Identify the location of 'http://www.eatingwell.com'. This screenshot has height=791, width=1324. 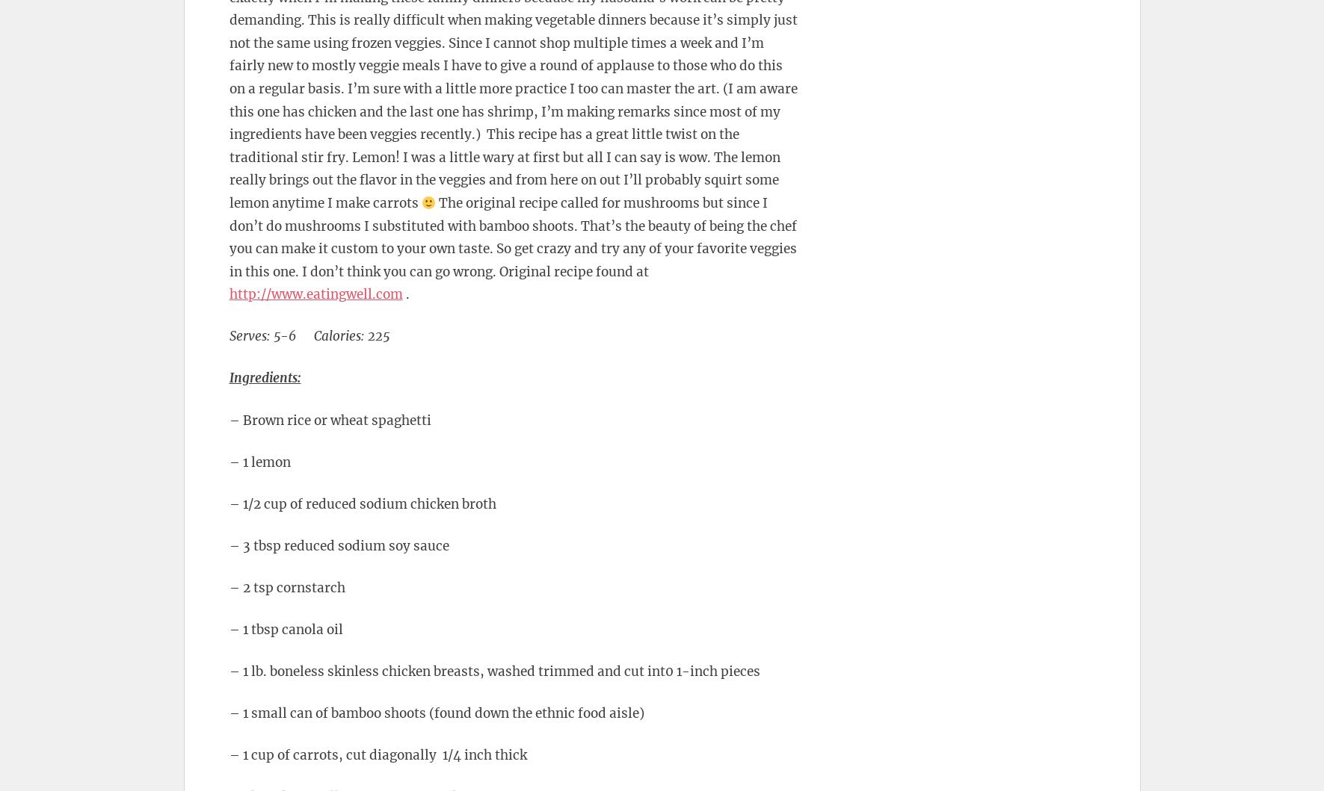
(315, 293).